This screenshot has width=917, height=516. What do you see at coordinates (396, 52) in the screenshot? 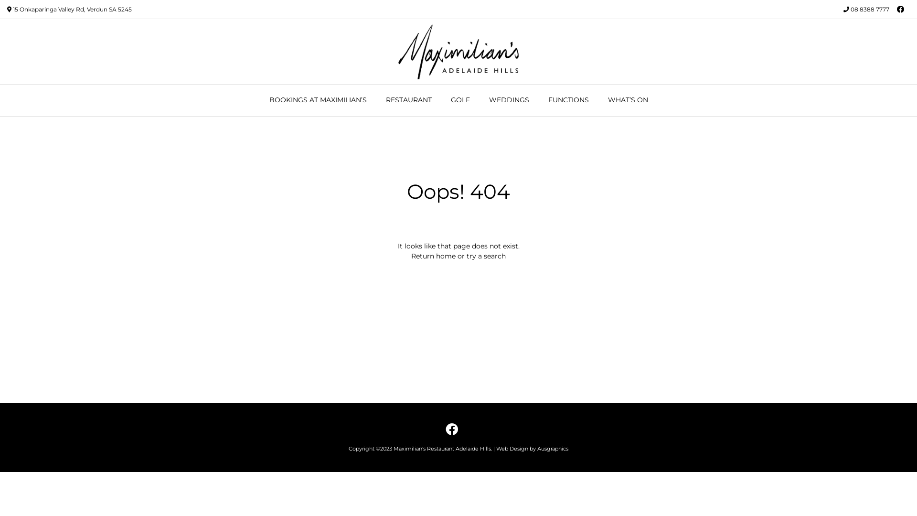
I see `'Maximilian's Restaurant Adelaide Hills'` at bounding box center [396, 52].